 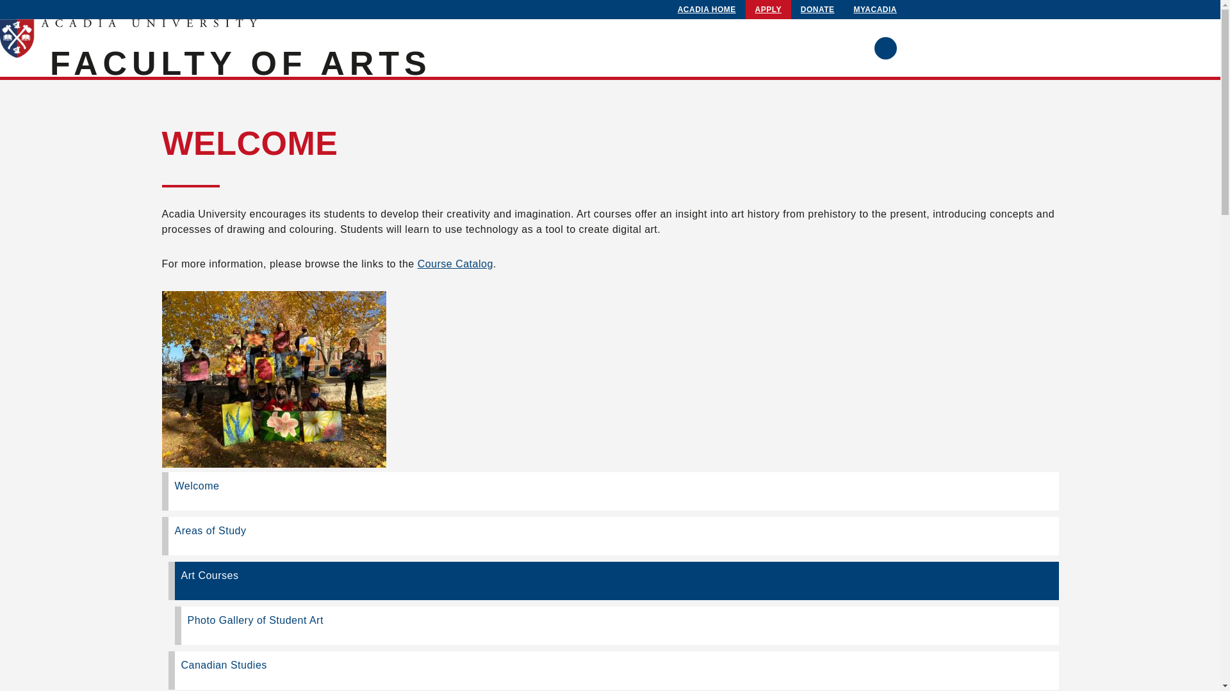 What do you see at coordinates (817, 10) in the screenshot?
I see `'DONATE'` at bounding box center [817, 10].